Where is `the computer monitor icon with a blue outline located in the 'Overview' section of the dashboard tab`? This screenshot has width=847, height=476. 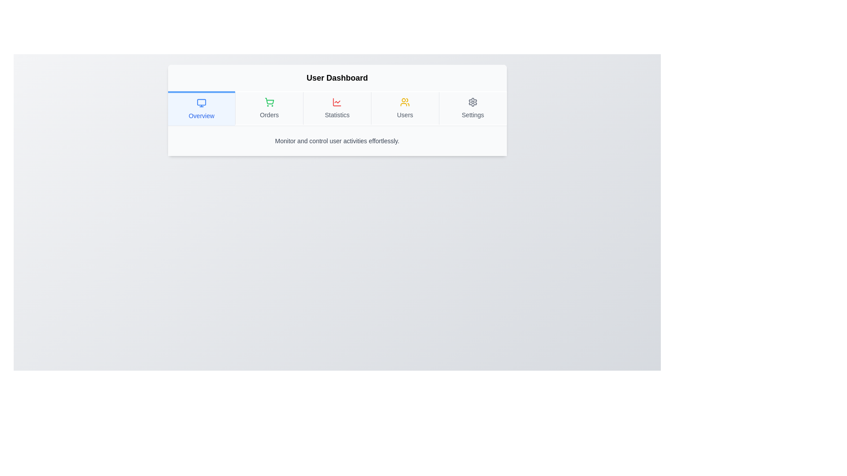 the computer monitor icon with a blue outline located in the 'Overview' section of the dashboard tab is located at coordinates (201, 103).